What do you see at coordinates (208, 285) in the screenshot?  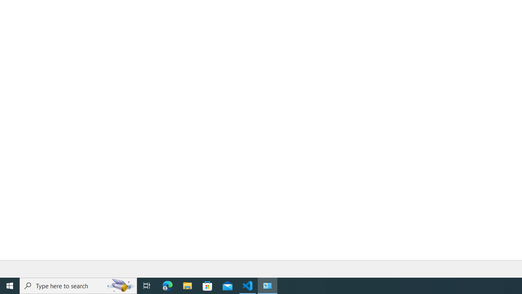 I see `'Microsoft Store'` at bounding box center [208, 285].